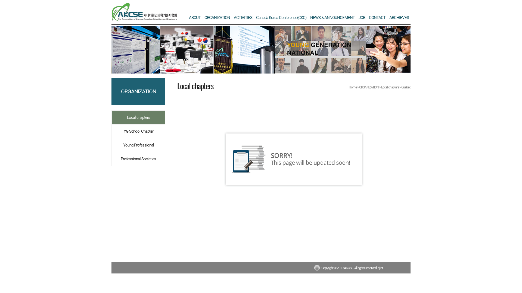  I want to click on 'JOB', so click(362, 17).